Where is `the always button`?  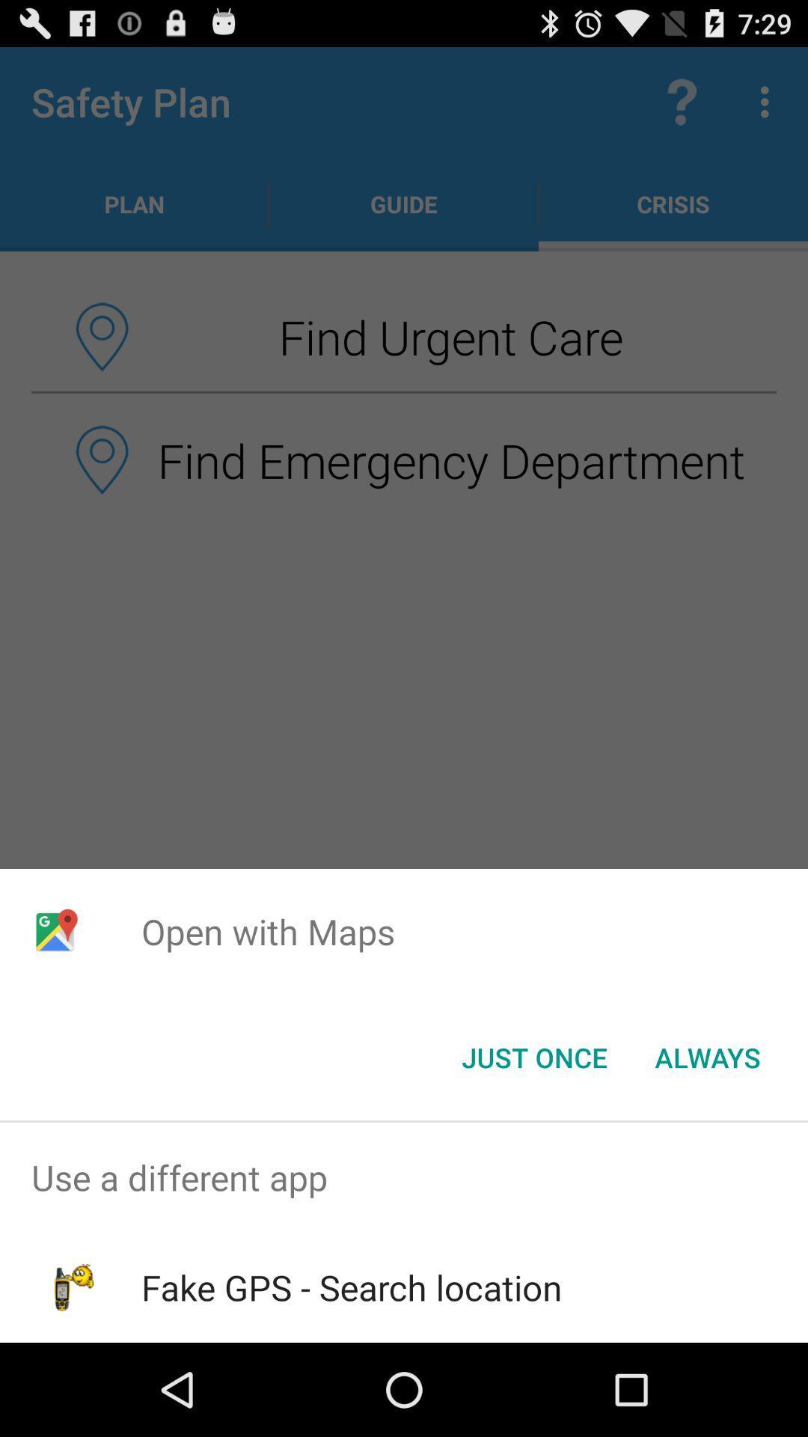
the always button is located at coordinates (707, 1056).